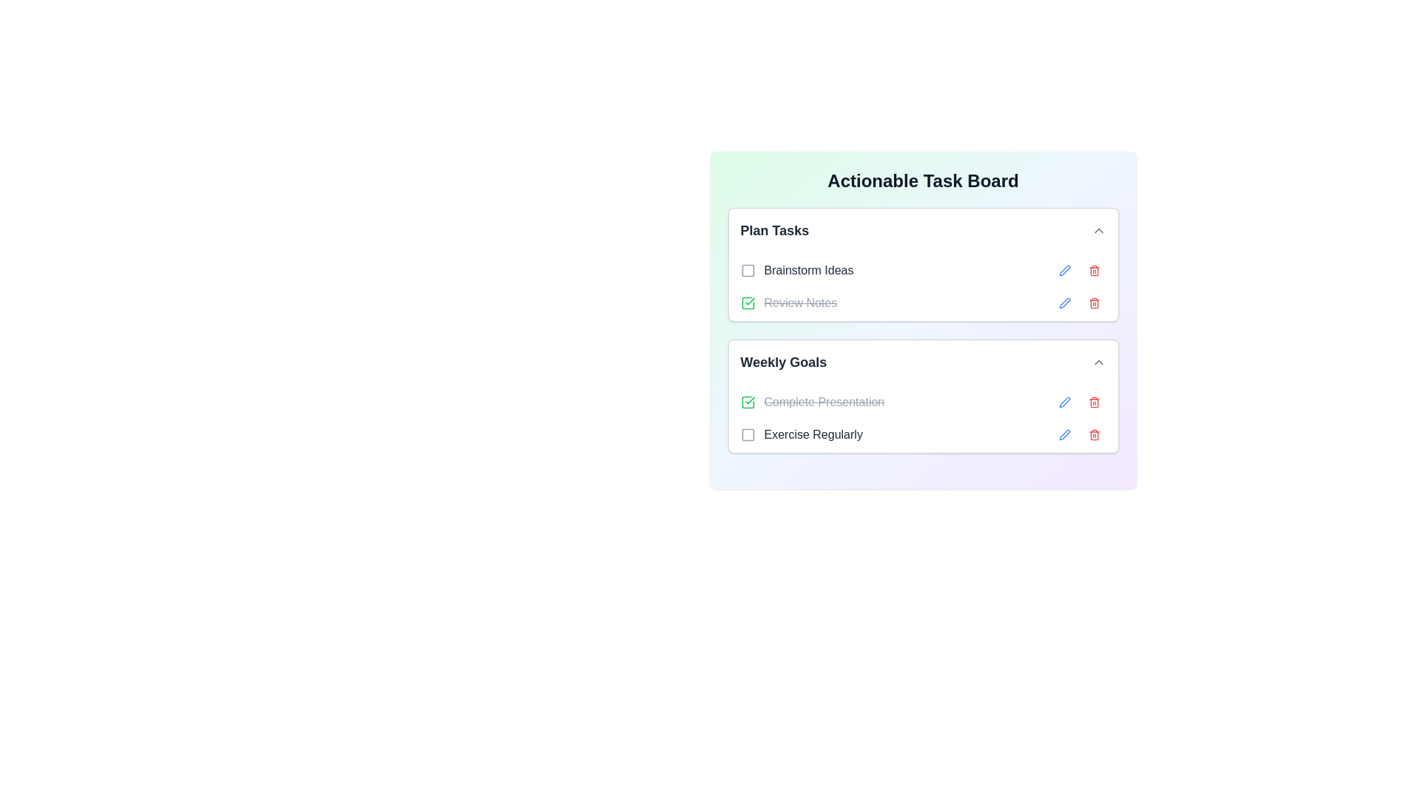  I want to click on the edit icon button located next to the 'Complete Presentation' checkbox in the 'Weekly Goals' section, so click(1064, 402).